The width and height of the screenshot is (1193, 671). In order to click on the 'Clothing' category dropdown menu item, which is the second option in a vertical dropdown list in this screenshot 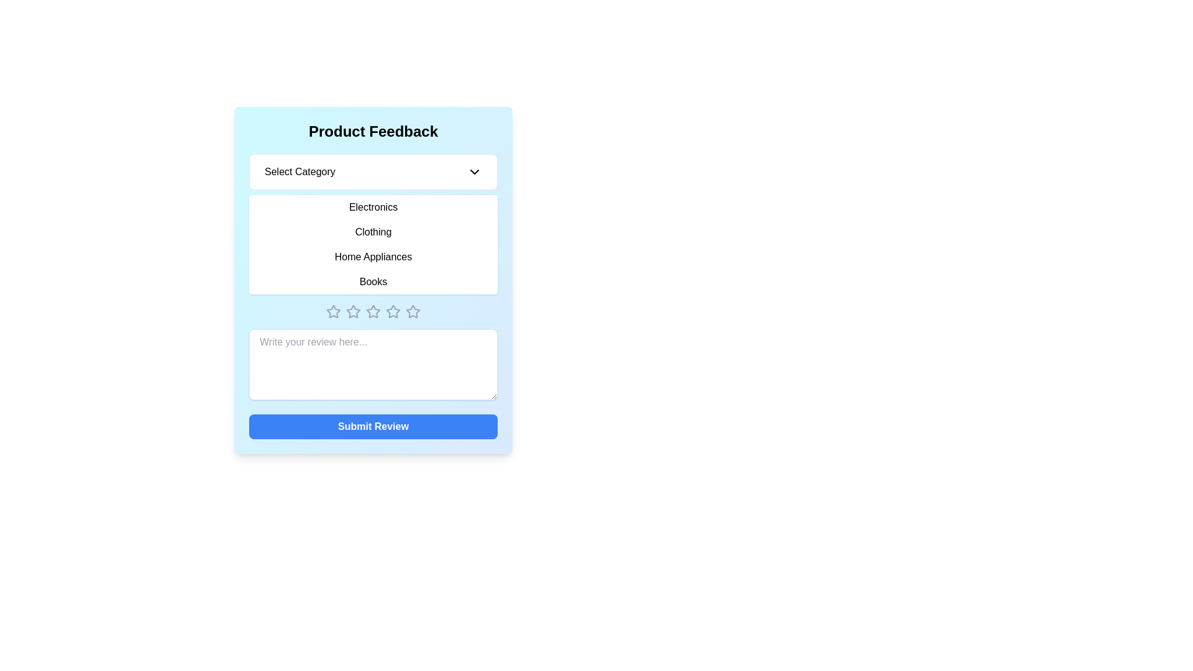, I will do `click(372, 232)`.